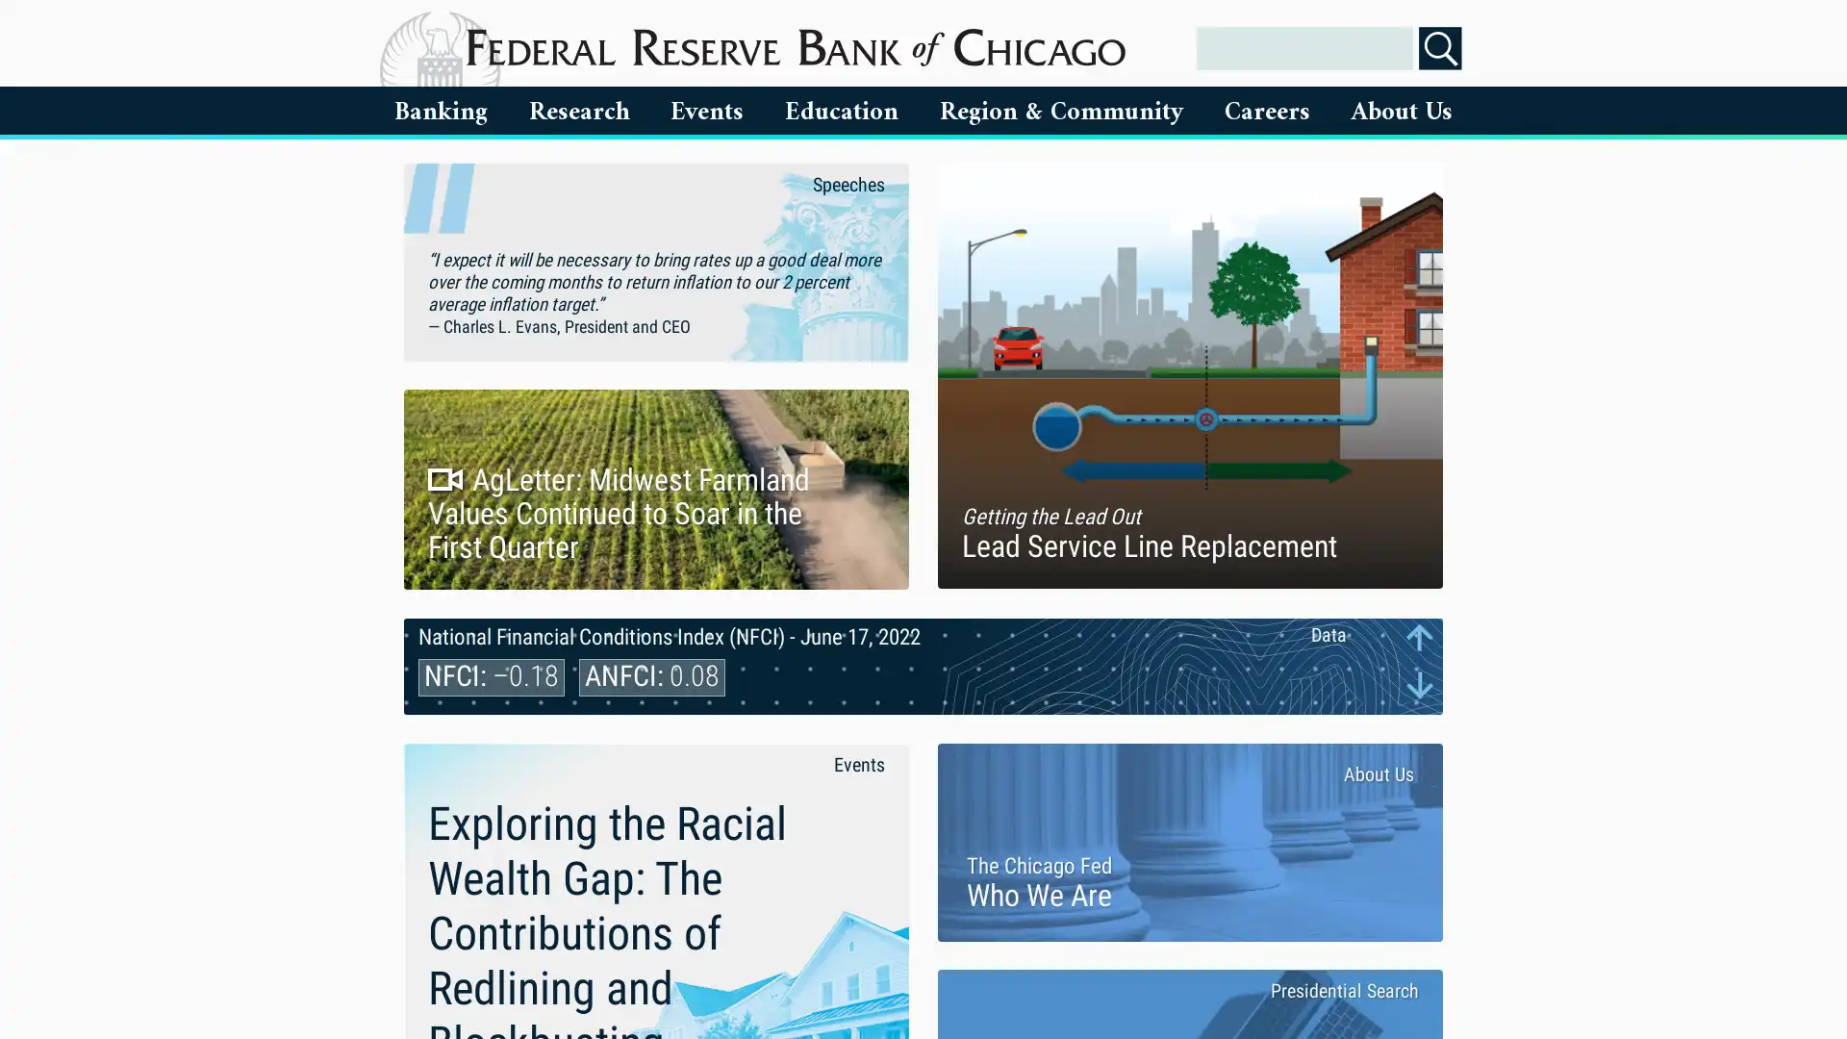 This screenshot has height=1039, width=1847. What do you see at coordinates (1440, 47) in the screenshot?
I see `Search` at bounding box center [1440, 47].